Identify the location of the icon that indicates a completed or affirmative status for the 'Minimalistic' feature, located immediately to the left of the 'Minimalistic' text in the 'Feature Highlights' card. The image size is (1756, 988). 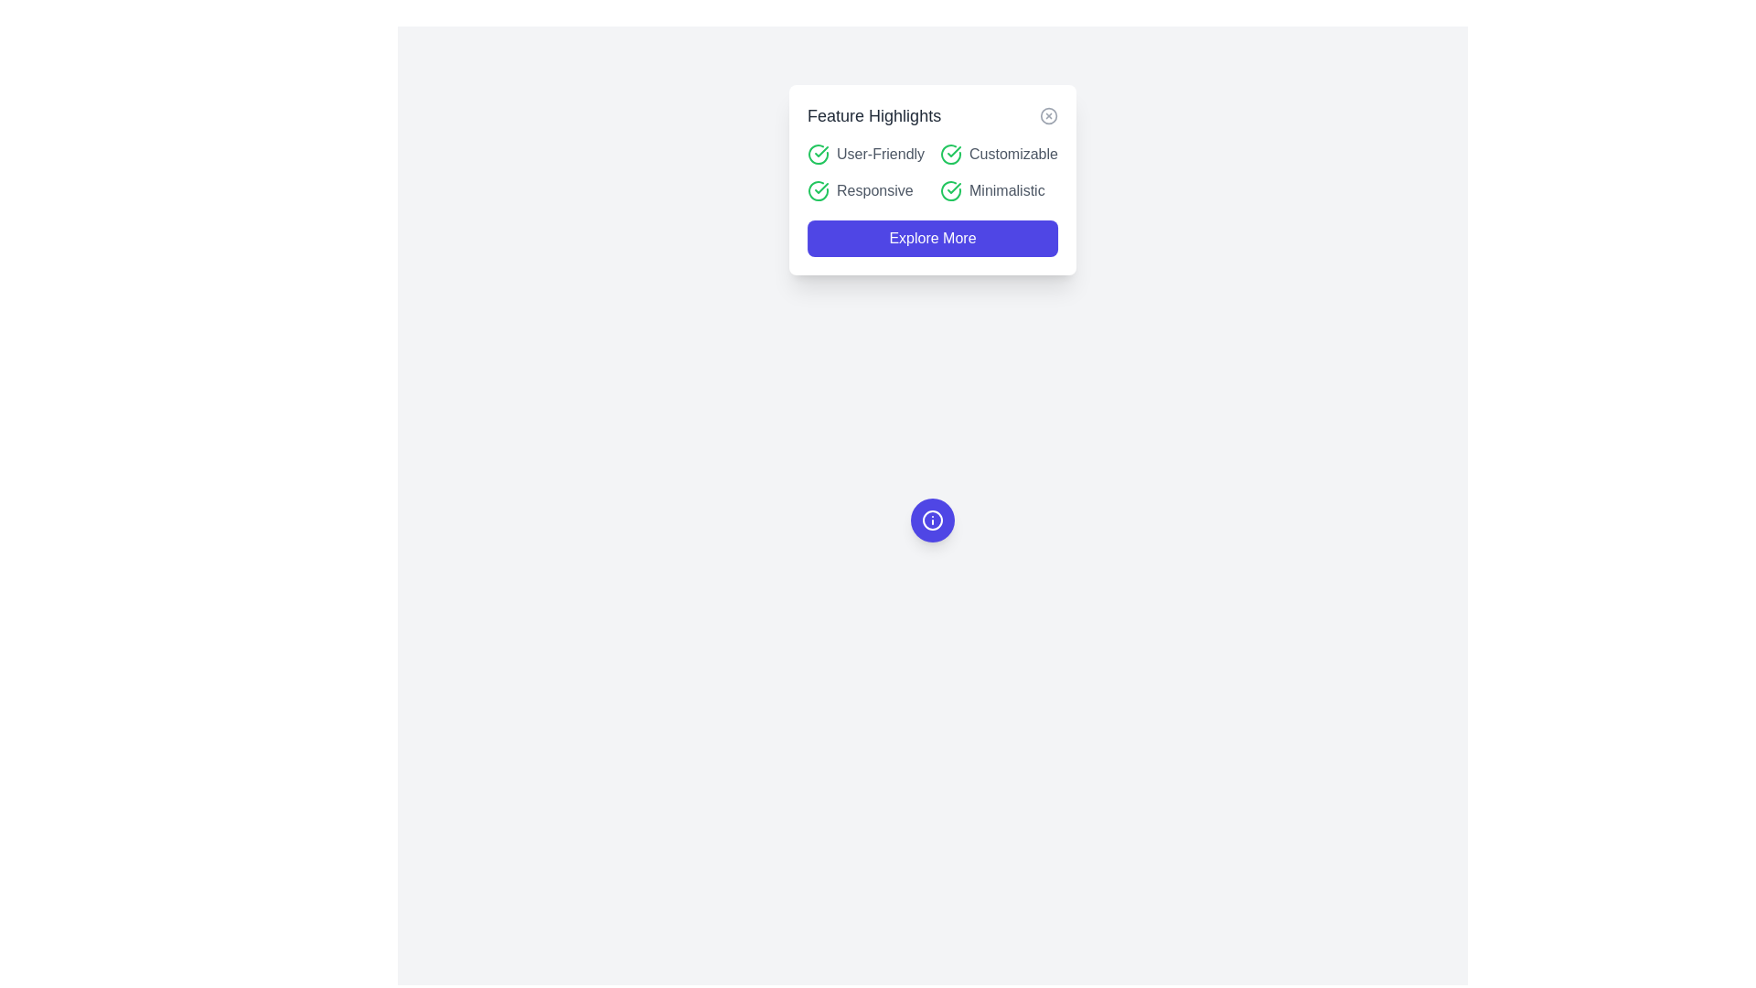
(951, 190).